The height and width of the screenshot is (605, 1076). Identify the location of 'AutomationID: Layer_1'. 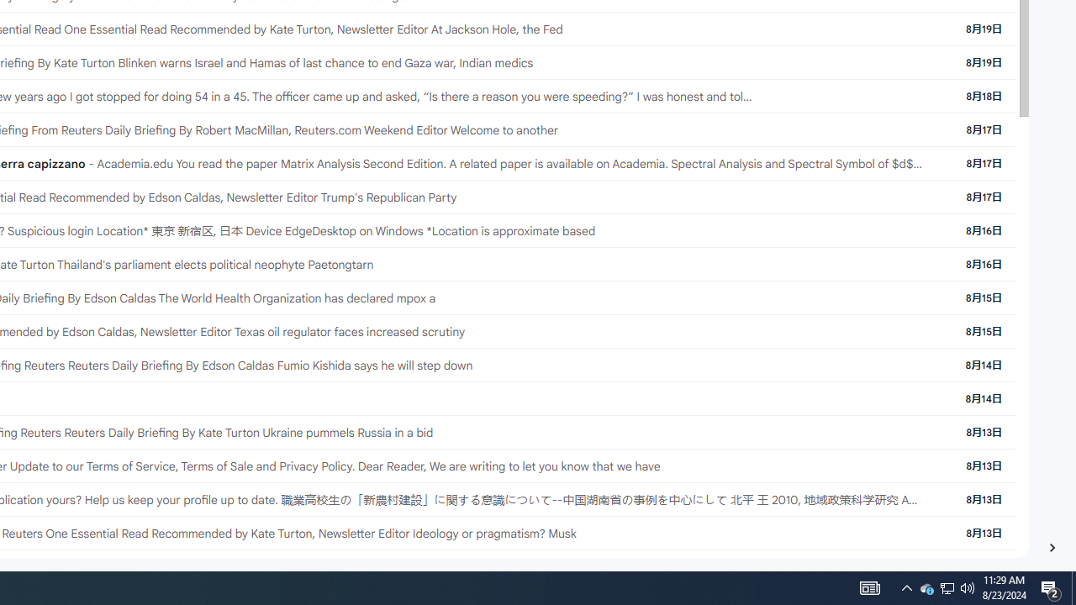
(1051, 547).